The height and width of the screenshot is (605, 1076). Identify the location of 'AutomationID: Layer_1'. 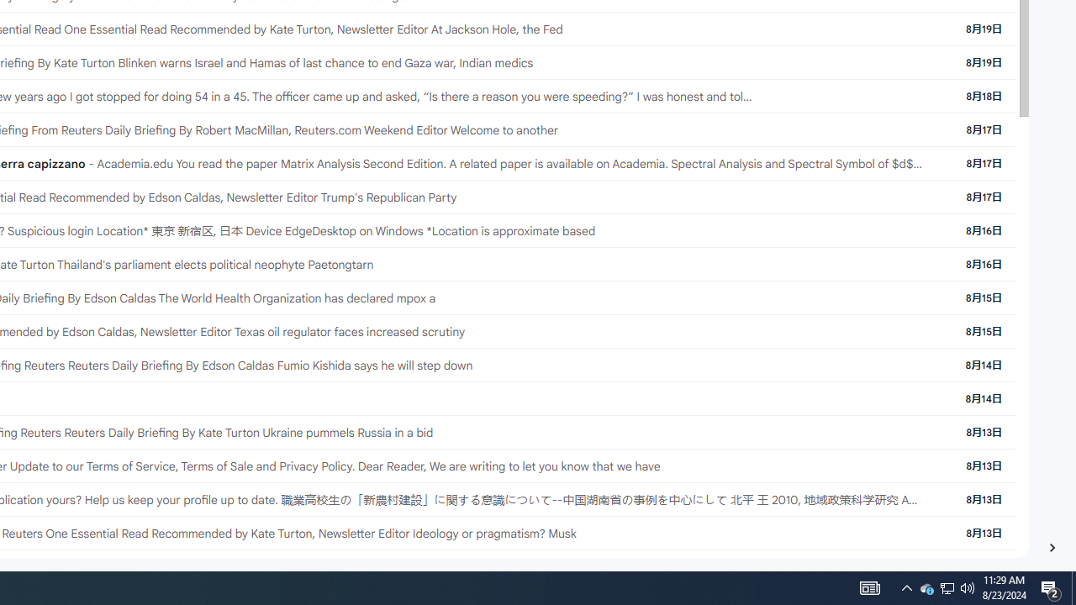
(1051, 547).